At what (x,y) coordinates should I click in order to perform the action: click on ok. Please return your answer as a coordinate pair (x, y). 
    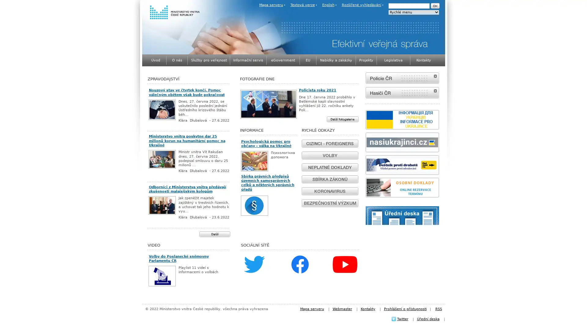
    Looking at the image, I should click on (434, 6).